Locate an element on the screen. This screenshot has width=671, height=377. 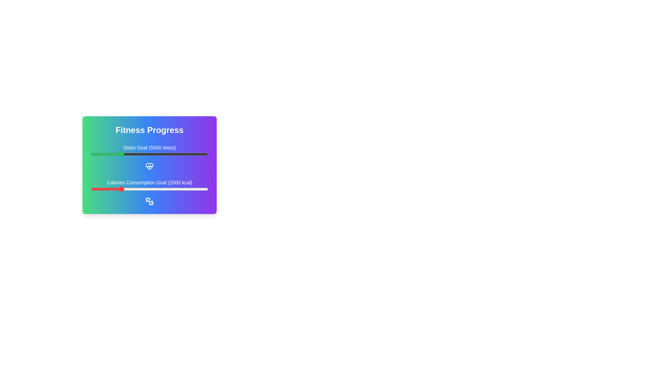
the steps goal is located at coordinates (145, 154).